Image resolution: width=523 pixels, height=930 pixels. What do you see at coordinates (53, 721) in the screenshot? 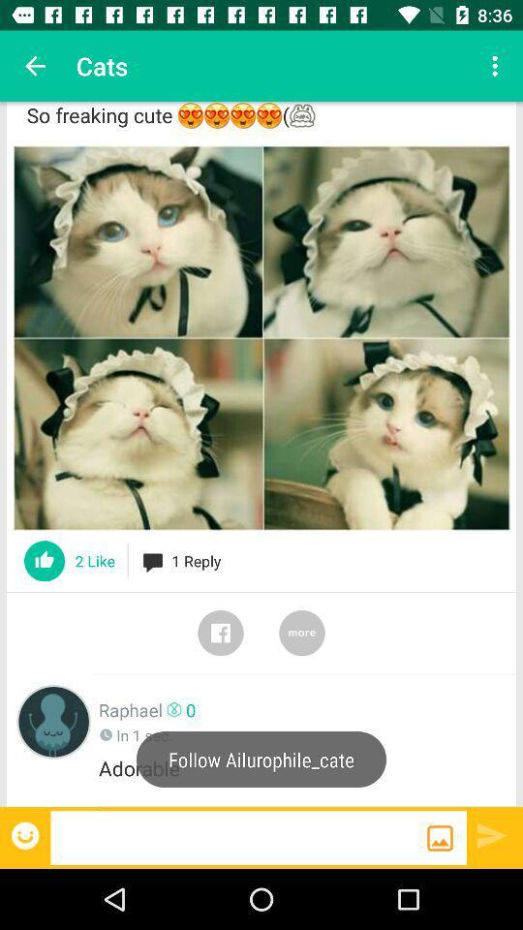
I see `cartoon character` at bounding box center [53, 721].